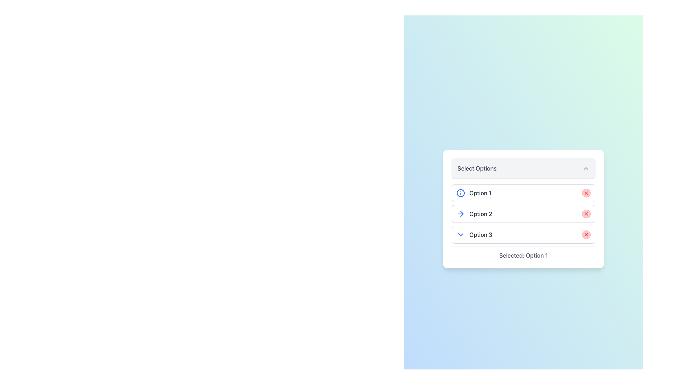  What do you see at coordinates (460, 213) in the screenshot?
I see `the visual indicator icon associated with 'Option 2', positioned to the left of the text 'Option 2'` at bounding box center [460, 213].